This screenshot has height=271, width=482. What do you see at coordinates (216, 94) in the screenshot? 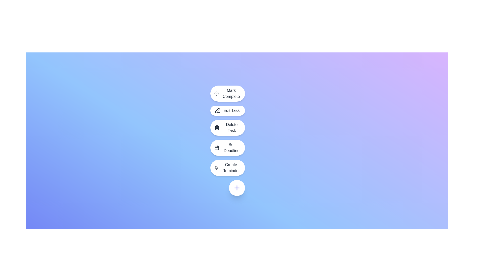
I see `the 'Mark Complete' SVG icon, which is the first icon in a vertical stack of interactive buttons` at bounding box center [216, 94].